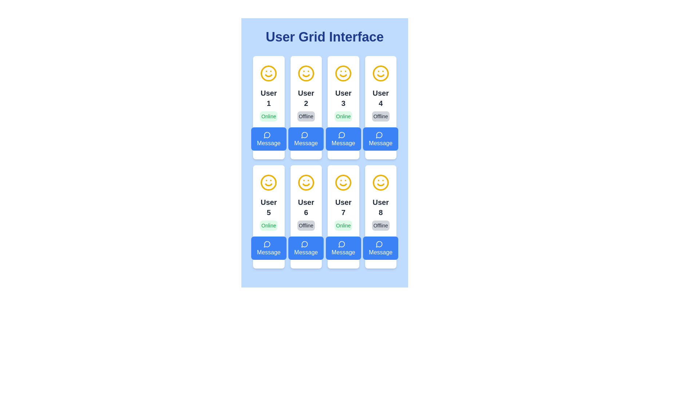 The height and width of the screenshot is (393, 699). Describe the element at coordinates (341, 135) in the screenshot. I see `the messaging feature icon located in the third column of the first row in a 4x2 grid layout` at that location.